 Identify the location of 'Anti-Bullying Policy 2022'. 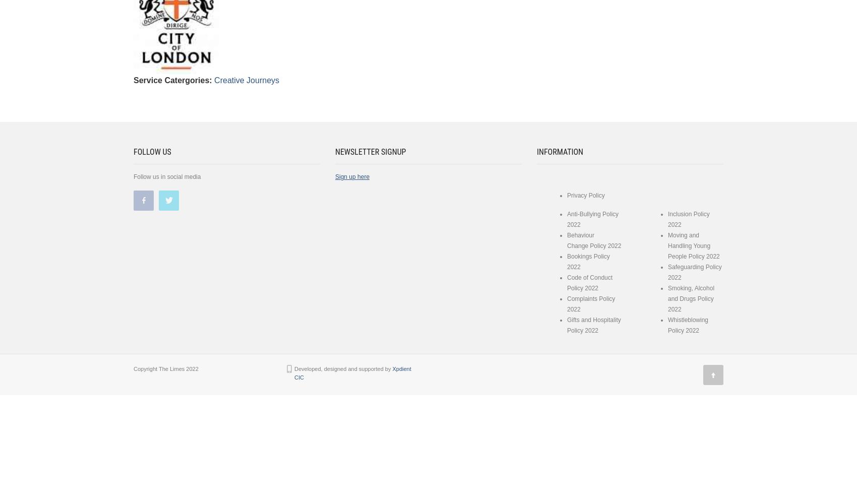
(592, 219).